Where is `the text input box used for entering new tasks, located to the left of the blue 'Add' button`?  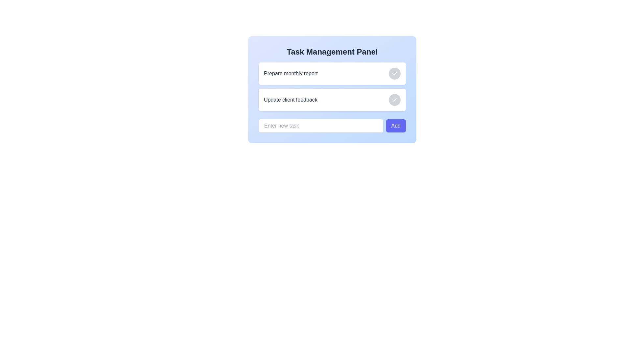
the text input box used for entering new tasks, located to the left of the blue 'Add' button is located at coordinates (321, 126).